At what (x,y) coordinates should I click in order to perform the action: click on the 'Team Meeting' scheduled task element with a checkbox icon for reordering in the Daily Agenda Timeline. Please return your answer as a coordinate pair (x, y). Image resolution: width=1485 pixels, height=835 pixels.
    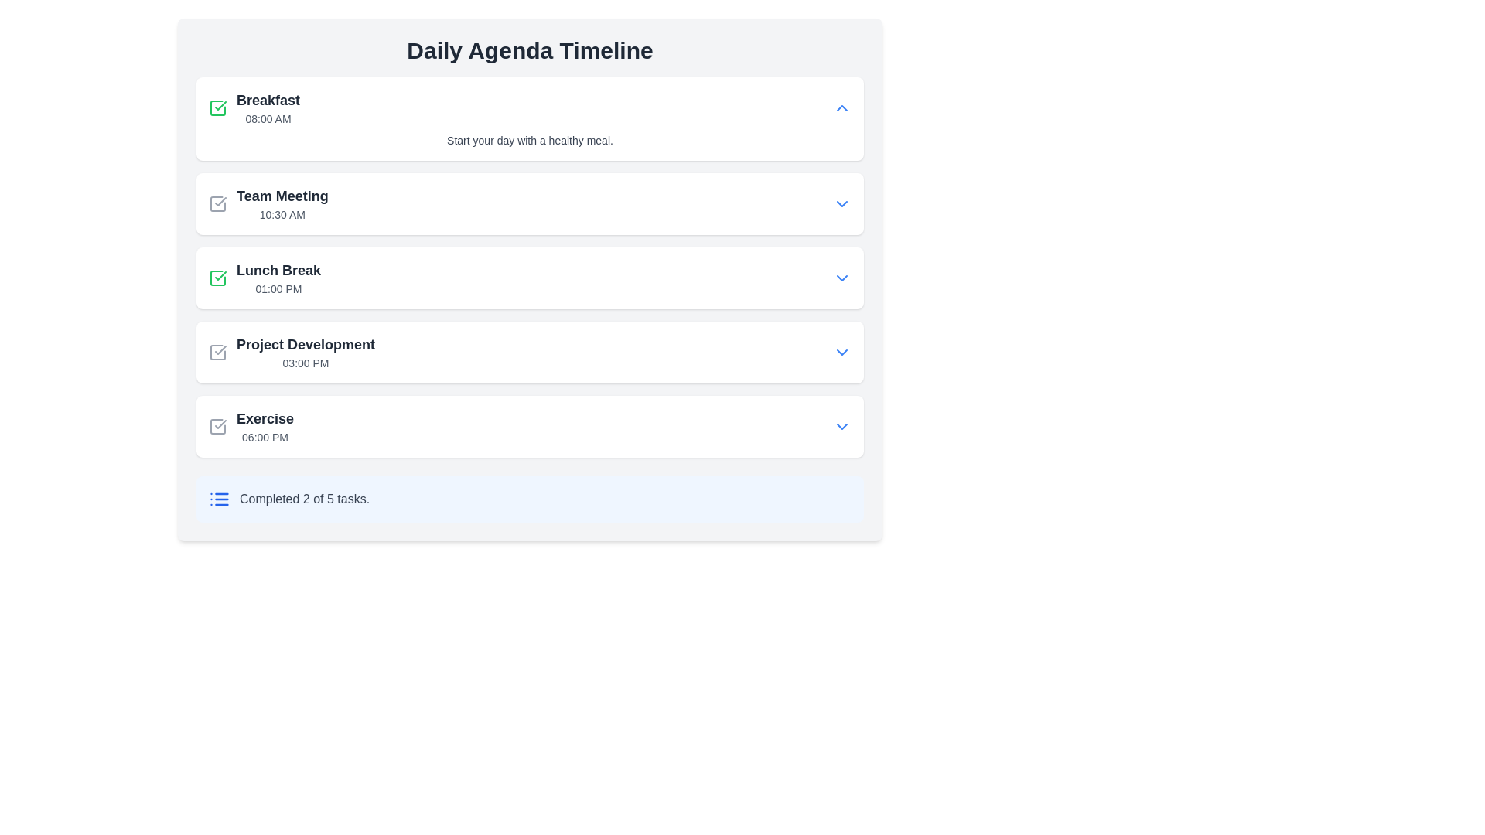
    Looking at the image, I should click on (268, 203).